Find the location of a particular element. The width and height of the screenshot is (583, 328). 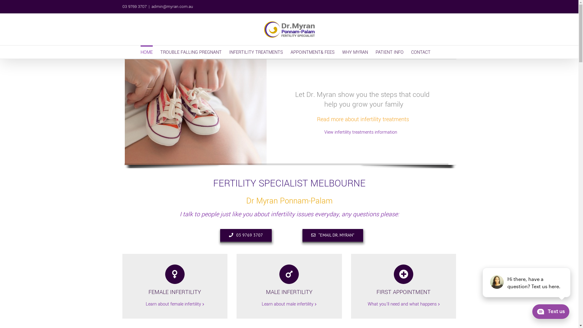

'FEMALE INFERTILITY' is located at coordinates (175, 280).